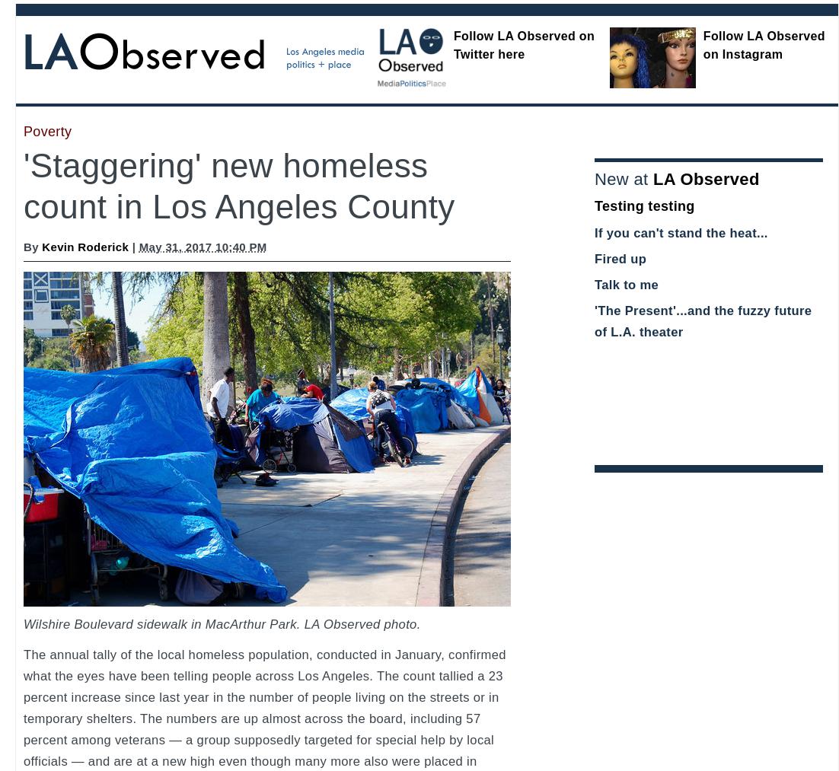 The width and height of the screenshot is (839, 771). Describe the element at coordinates (523, 44) in the screenshot. I see `'Follow LA Observed on Twitter here'` at that location.